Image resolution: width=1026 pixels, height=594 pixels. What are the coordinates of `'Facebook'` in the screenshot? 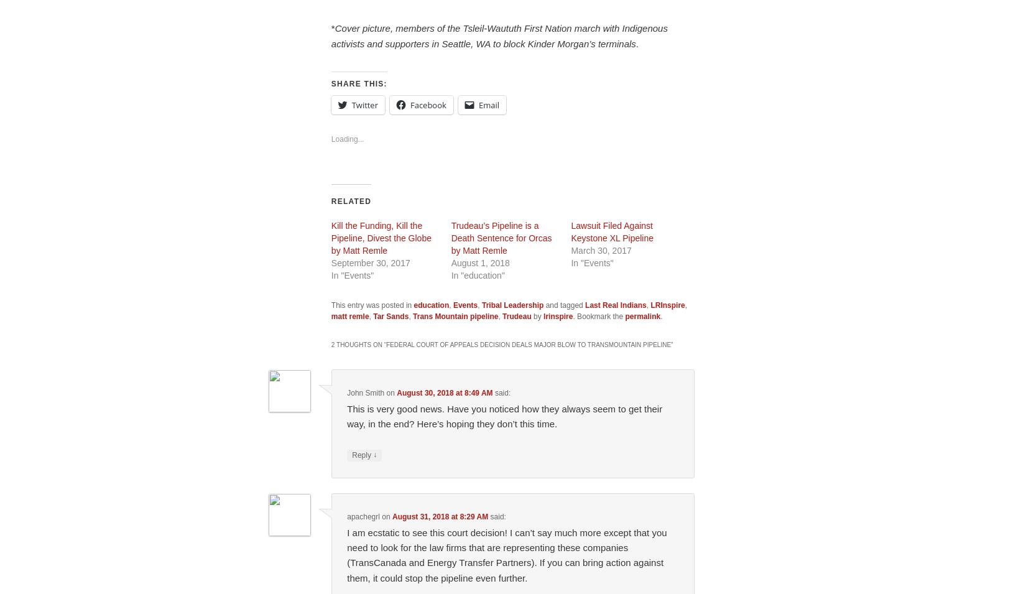 It's located at (427, 105).